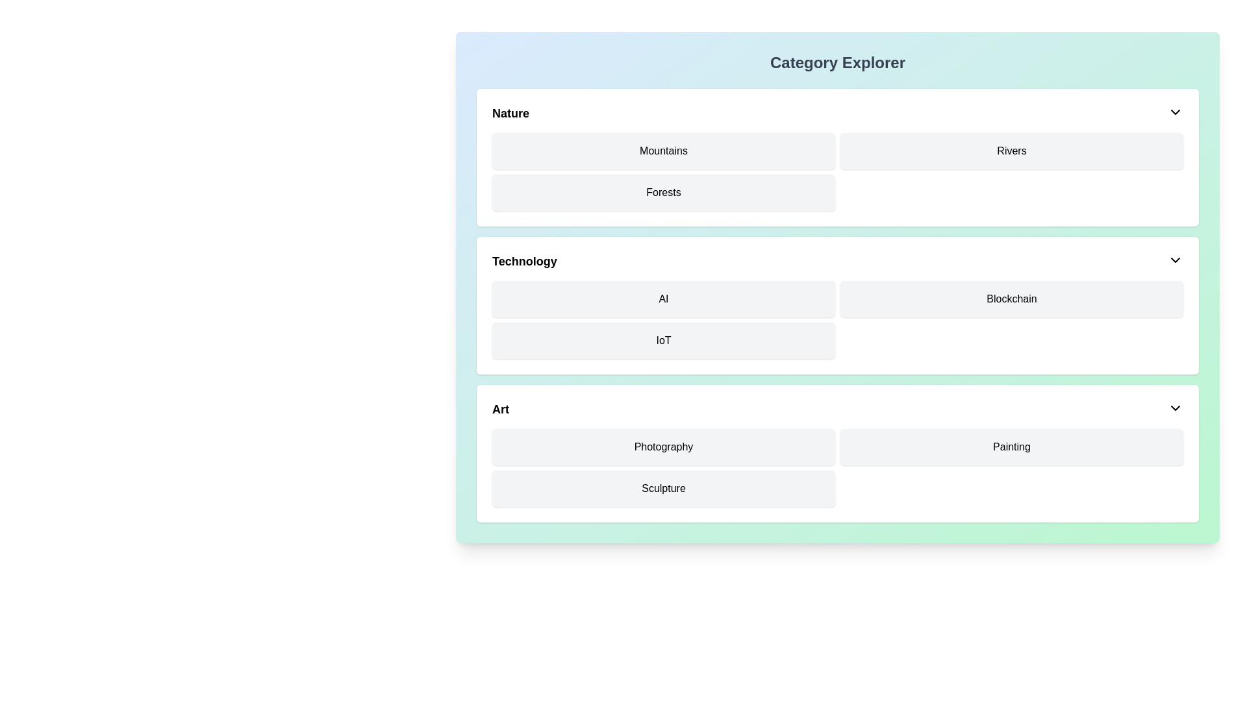  What do you see at coordinates (664, 150) in the screenshot?
I see `the 'Mountains' text label within the first row of the 'Nature' category` at bounding box center [664, 150].